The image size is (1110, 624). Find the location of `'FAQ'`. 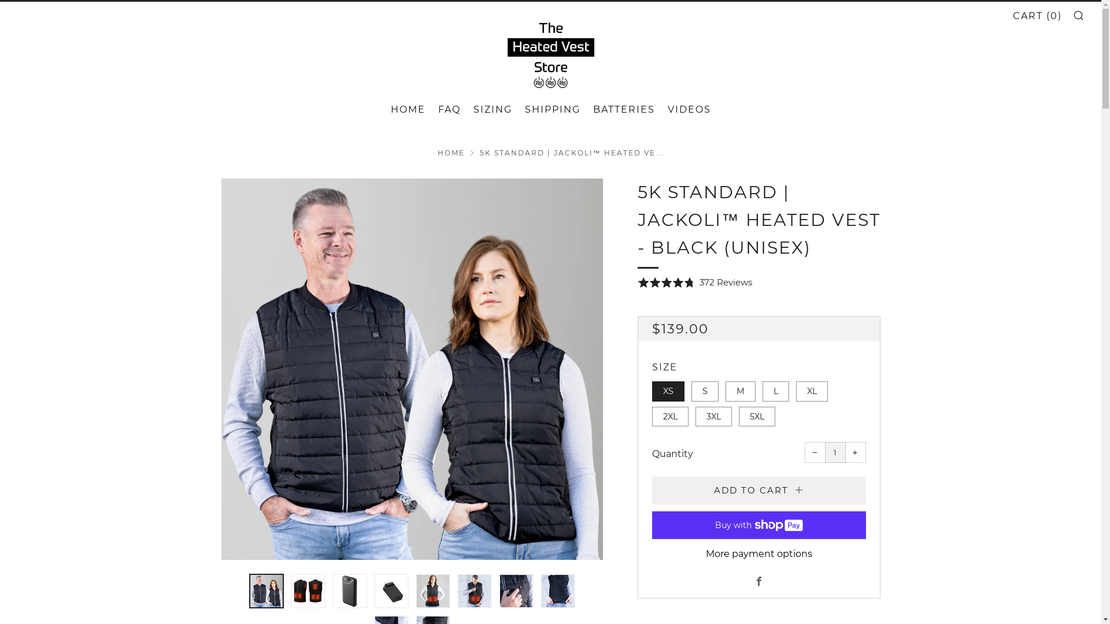

'FAQ' is located at coordinates (449, 109).